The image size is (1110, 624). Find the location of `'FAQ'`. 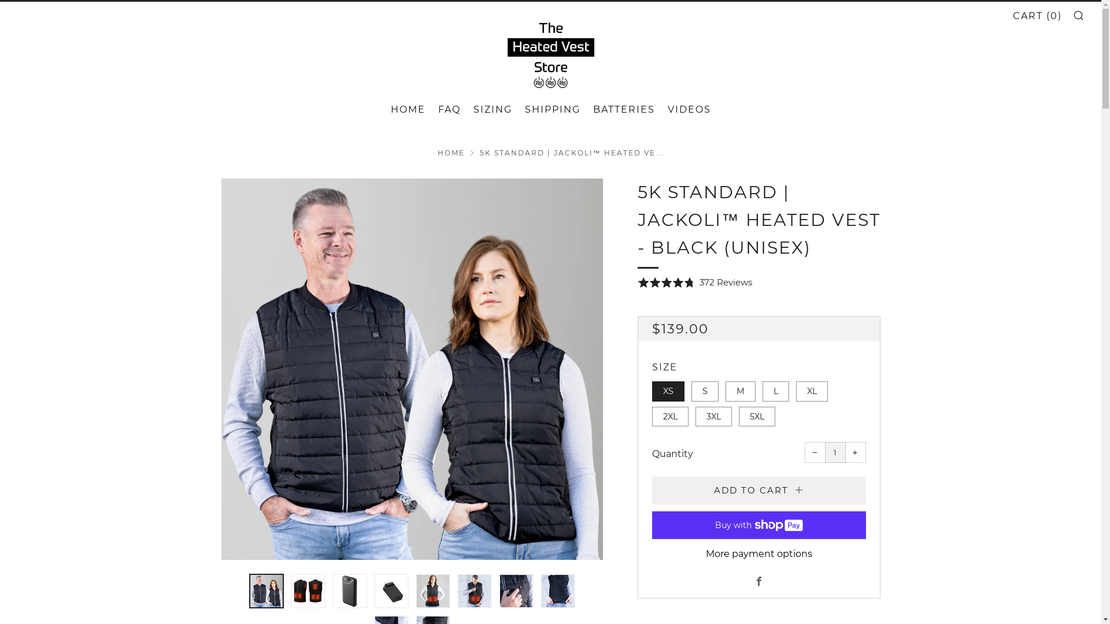

'FAQ' is located at coordinates (449, 109).